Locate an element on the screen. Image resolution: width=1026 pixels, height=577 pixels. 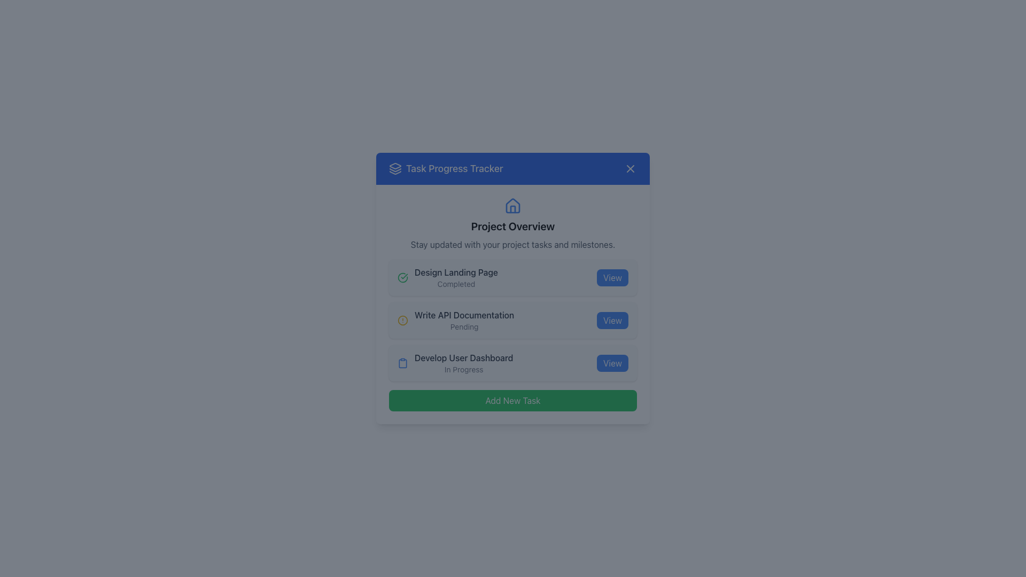
the static text displaying the title or name of the task in the third row of the task list within the modal, located above the status text 'In Progress' and to the left of the 'View' button is located at coordinates (464, 358).